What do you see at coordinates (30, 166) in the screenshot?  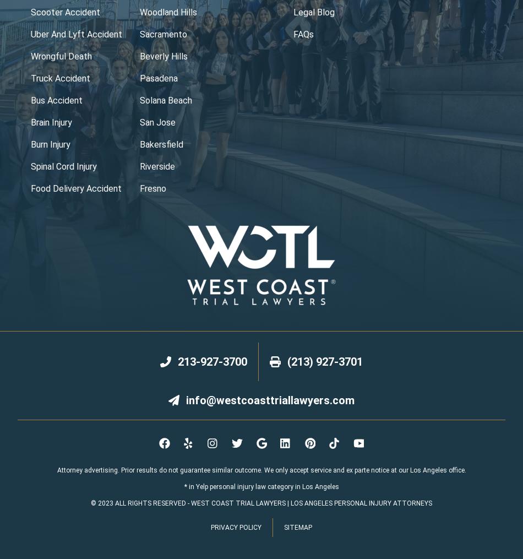 I see `'spinal cord injury'` at bounding box center [30, 166].